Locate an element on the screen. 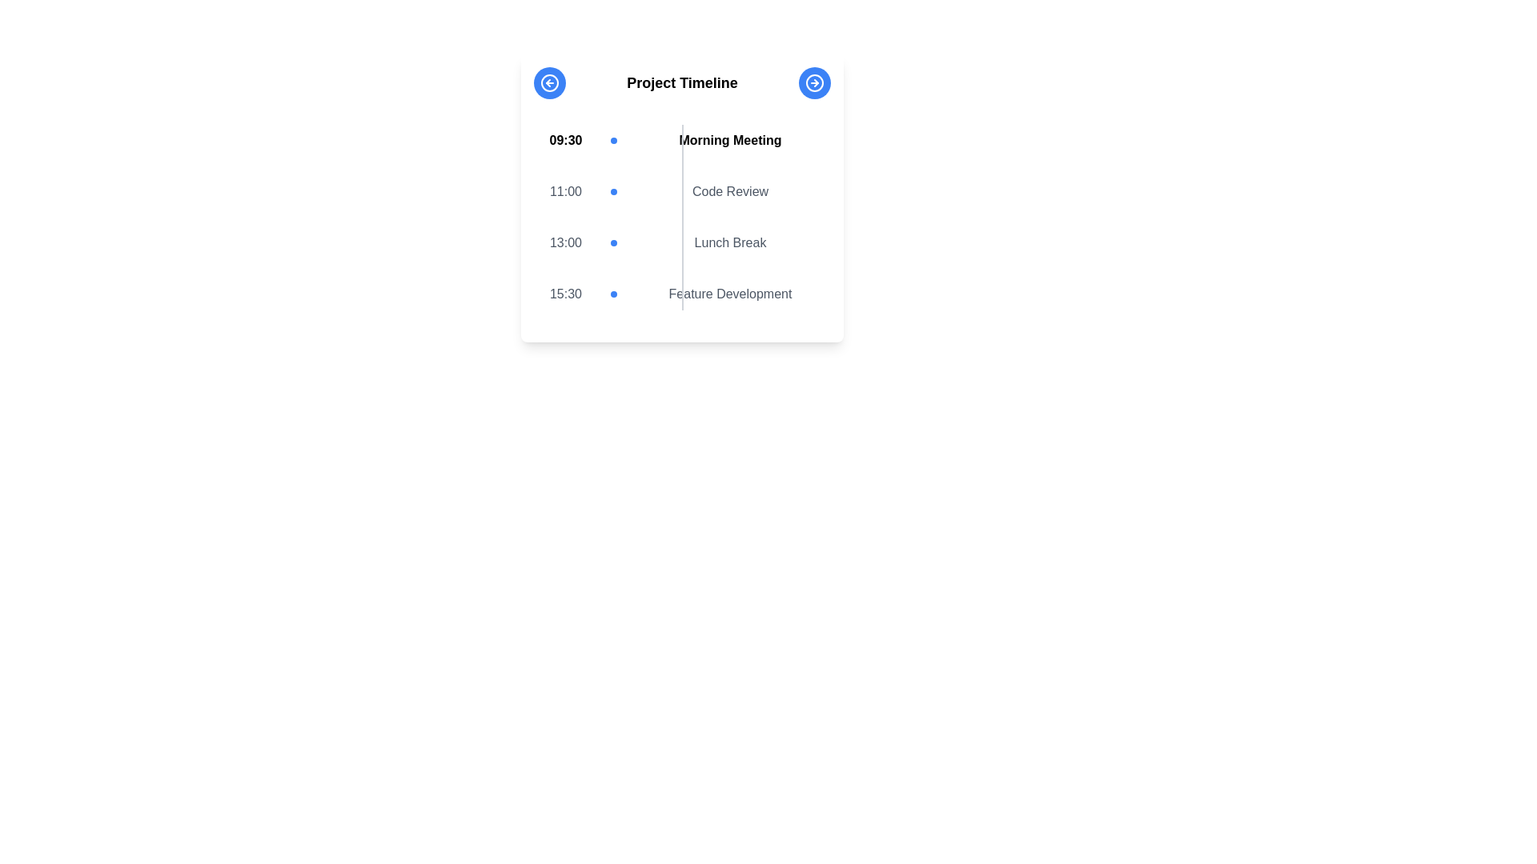 Image resolution: width=1537 pixels, height=864 pixels. the rightmost button on the 'Project Timeline' header bar is located at coordinates (814, 83).